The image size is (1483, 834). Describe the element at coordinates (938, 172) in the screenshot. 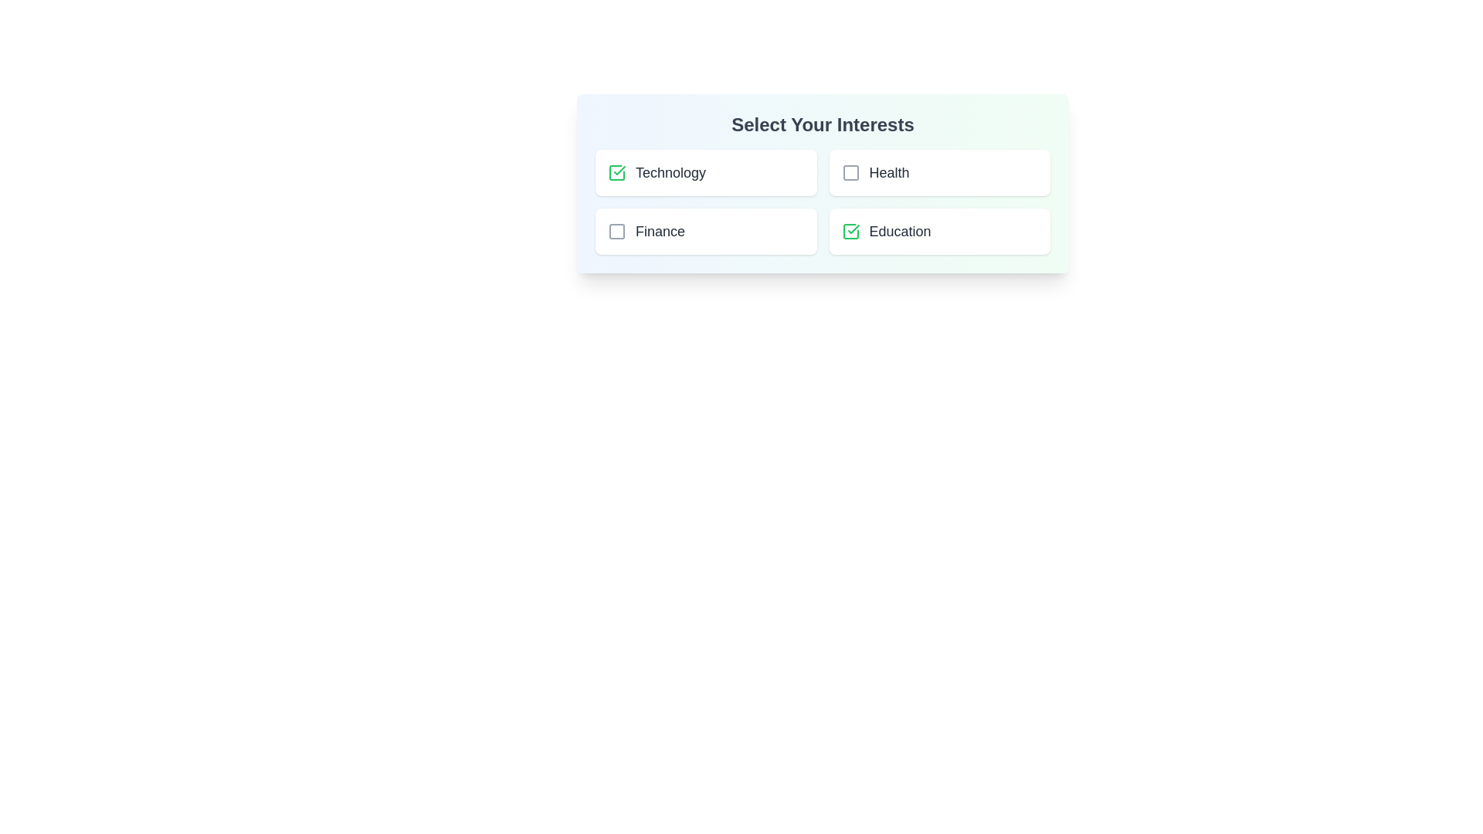

I see `the category item Health to toggle its selection state` at that location.